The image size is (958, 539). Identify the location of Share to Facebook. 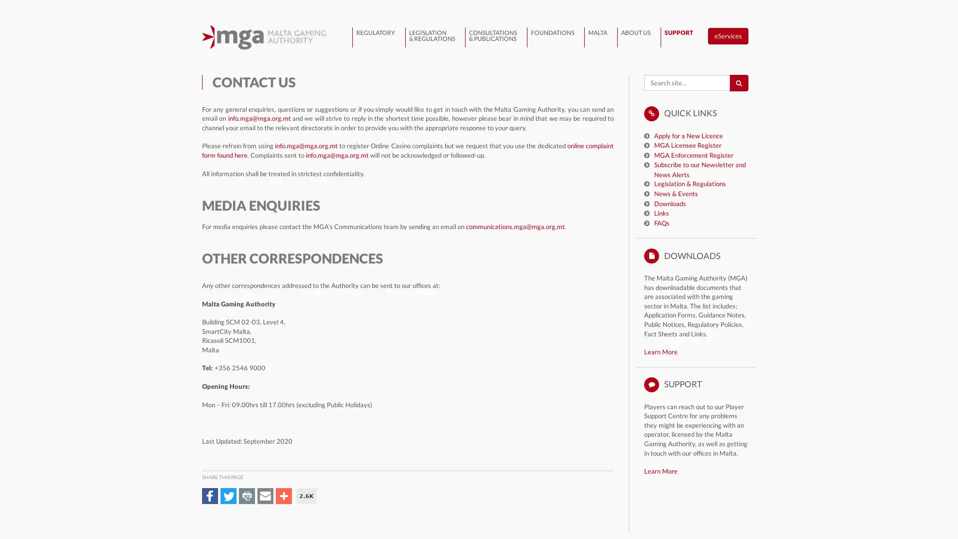
(210, 496).